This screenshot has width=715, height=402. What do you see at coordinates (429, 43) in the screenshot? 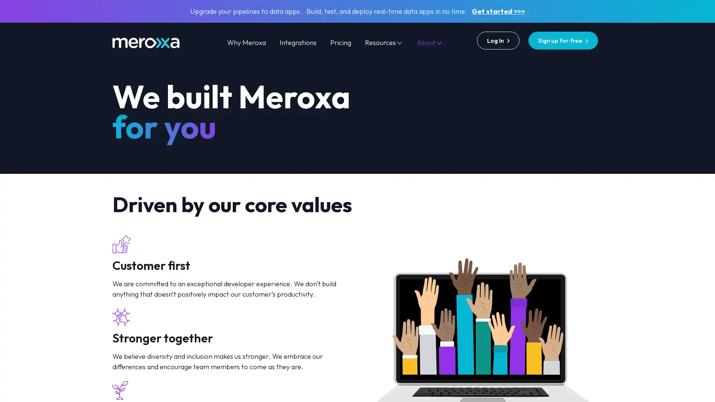
I see `About` at bounding box center [429, 43].